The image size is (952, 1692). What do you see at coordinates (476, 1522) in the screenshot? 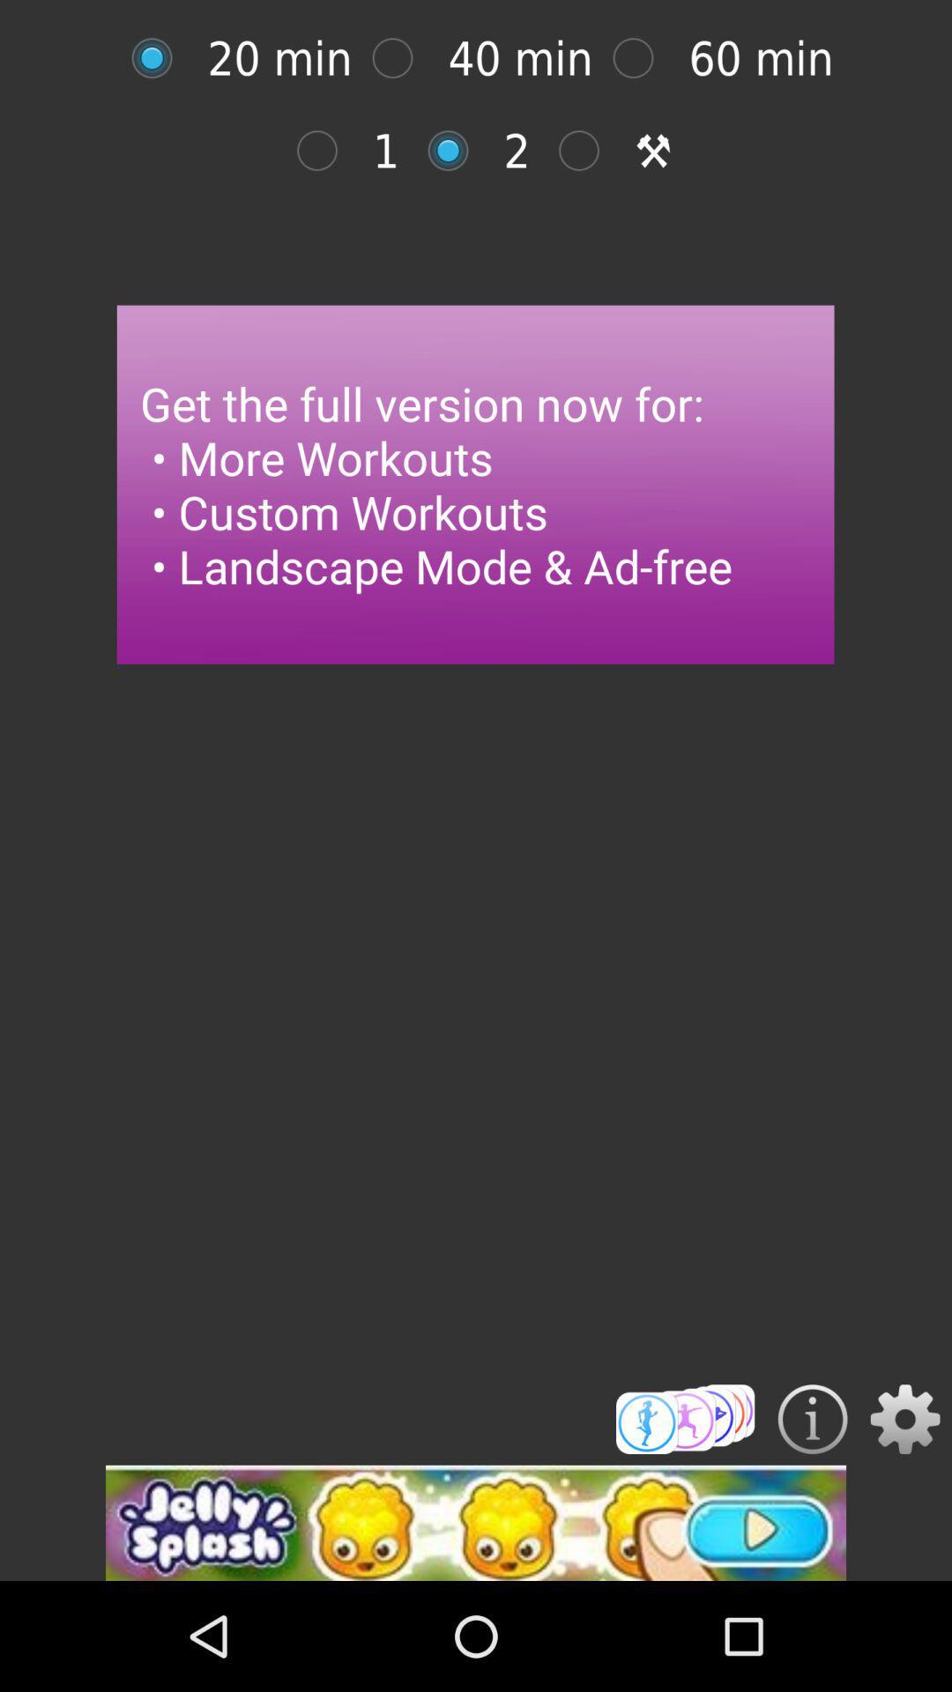
I see `advertisement bar` at bounding box center [476, 1522].